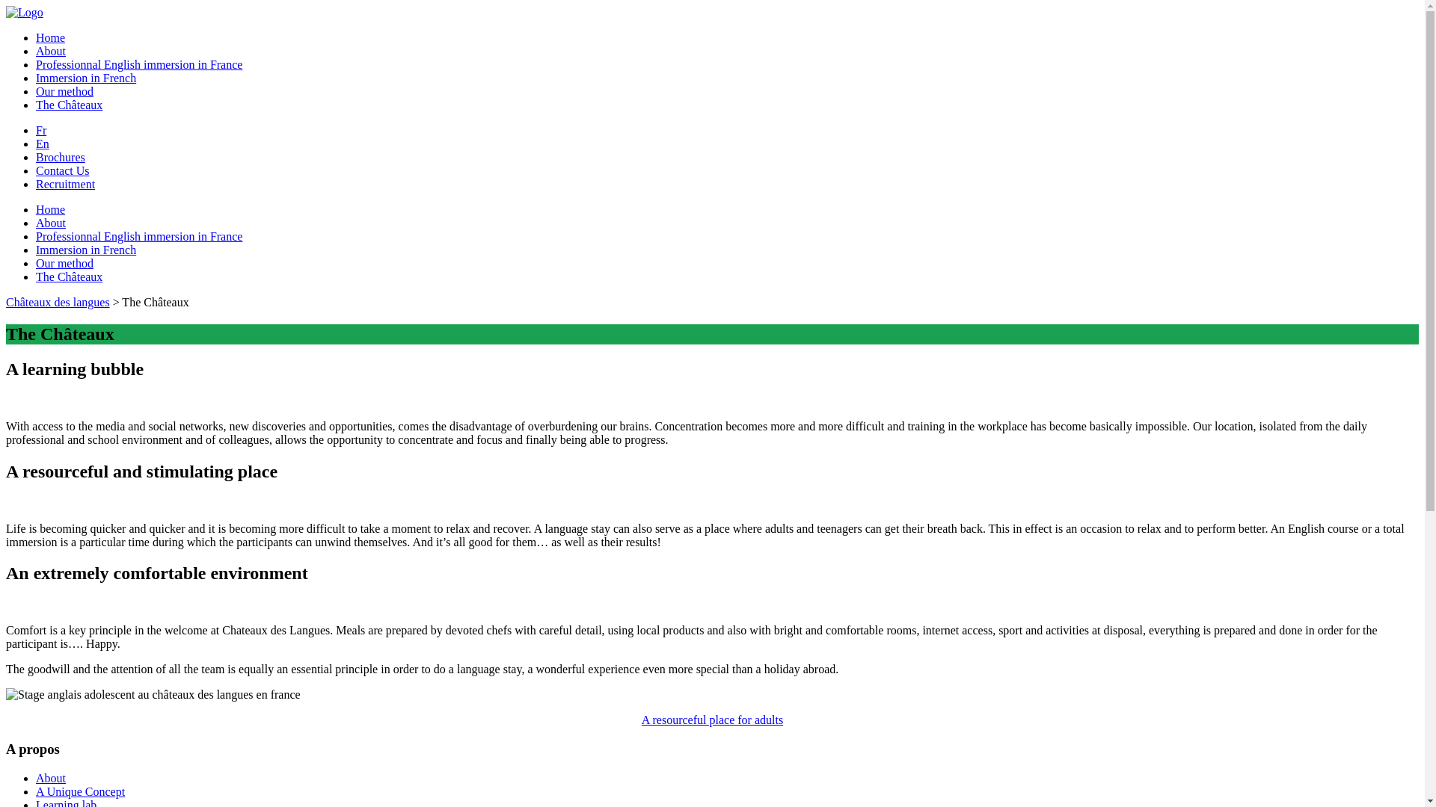 Image resolution: width=1436 pixels, height=807 pixels. Describe the element at coordinates (61, 170) in the screenshot. I see `'Contact Us'` at that location.